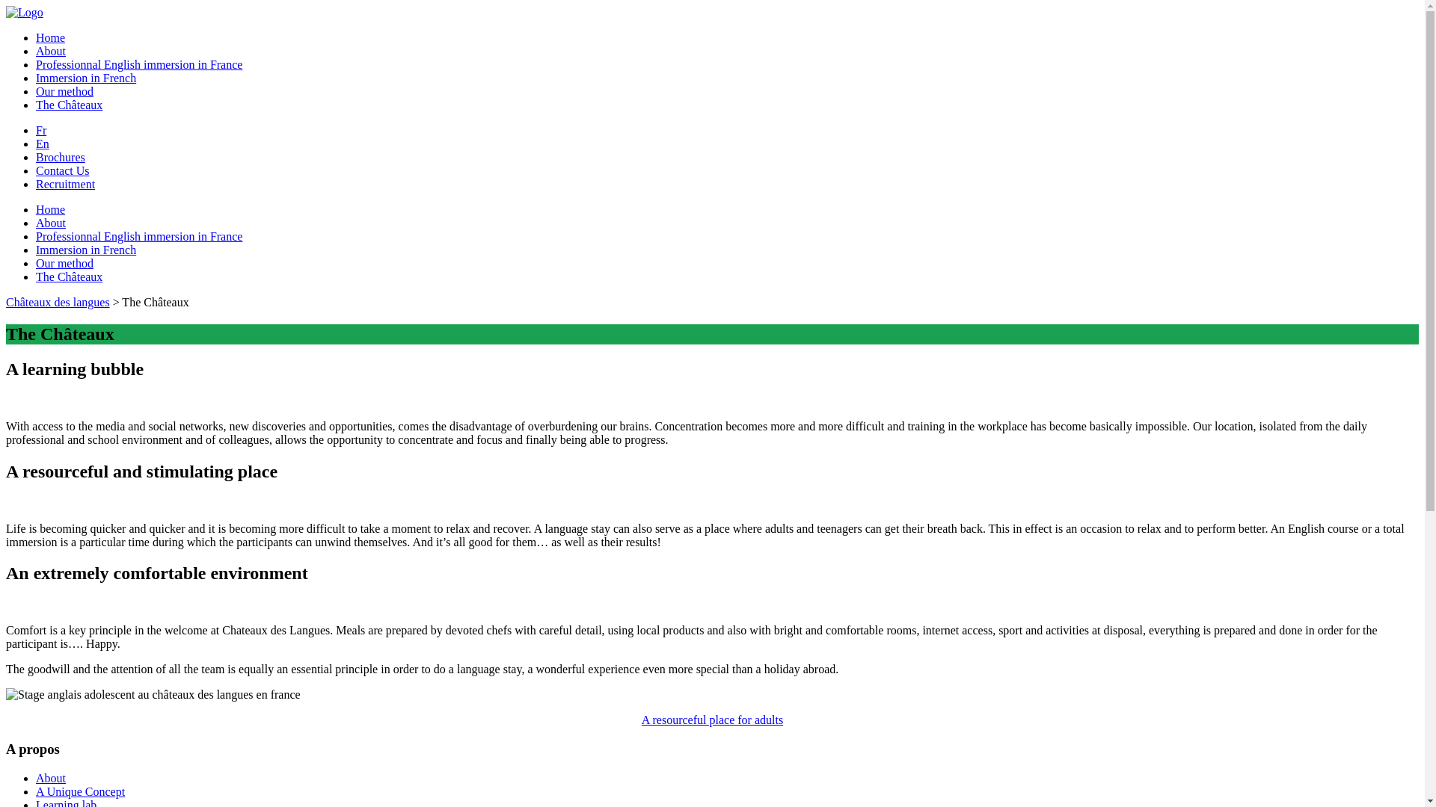 Image resolution: width=1436 pixels, height=807 pixels. Describe the element at coordinates (61, 170) in the screenshot. I see `'Contact Us'` at that location.